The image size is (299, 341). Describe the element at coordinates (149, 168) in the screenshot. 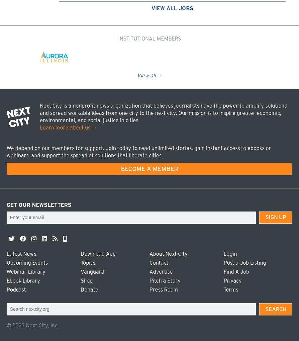

I see `'Become A Member'` at that location.